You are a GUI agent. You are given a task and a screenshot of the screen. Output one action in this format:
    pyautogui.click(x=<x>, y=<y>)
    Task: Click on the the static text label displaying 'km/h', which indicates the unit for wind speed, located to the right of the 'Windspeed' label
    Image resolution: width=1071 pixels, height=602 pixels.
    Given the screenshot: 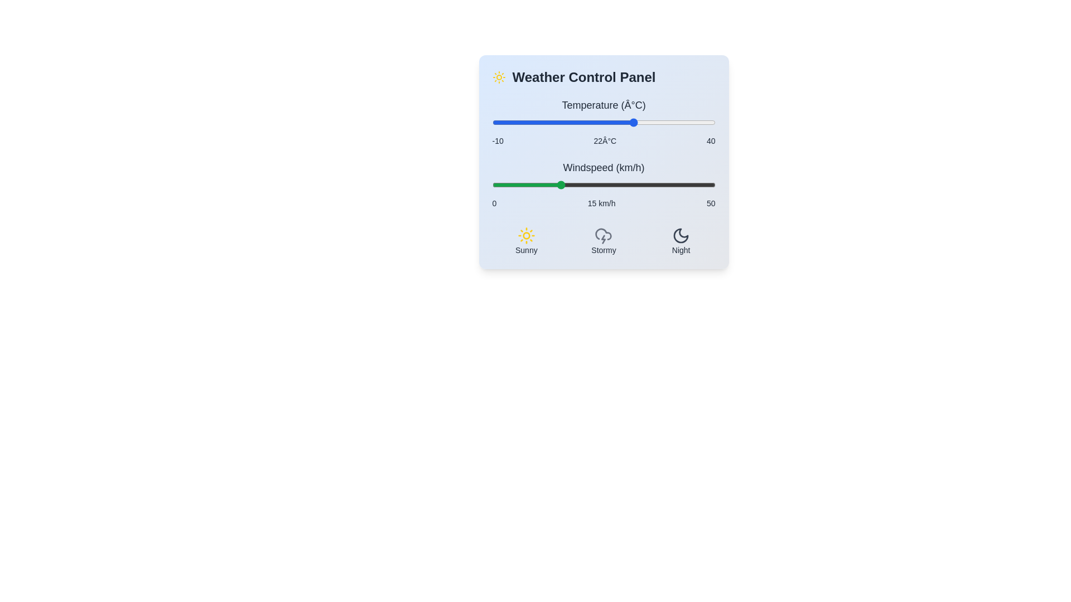 What is the action you would take?
    pyautogui.click(x=630, y=167)
    